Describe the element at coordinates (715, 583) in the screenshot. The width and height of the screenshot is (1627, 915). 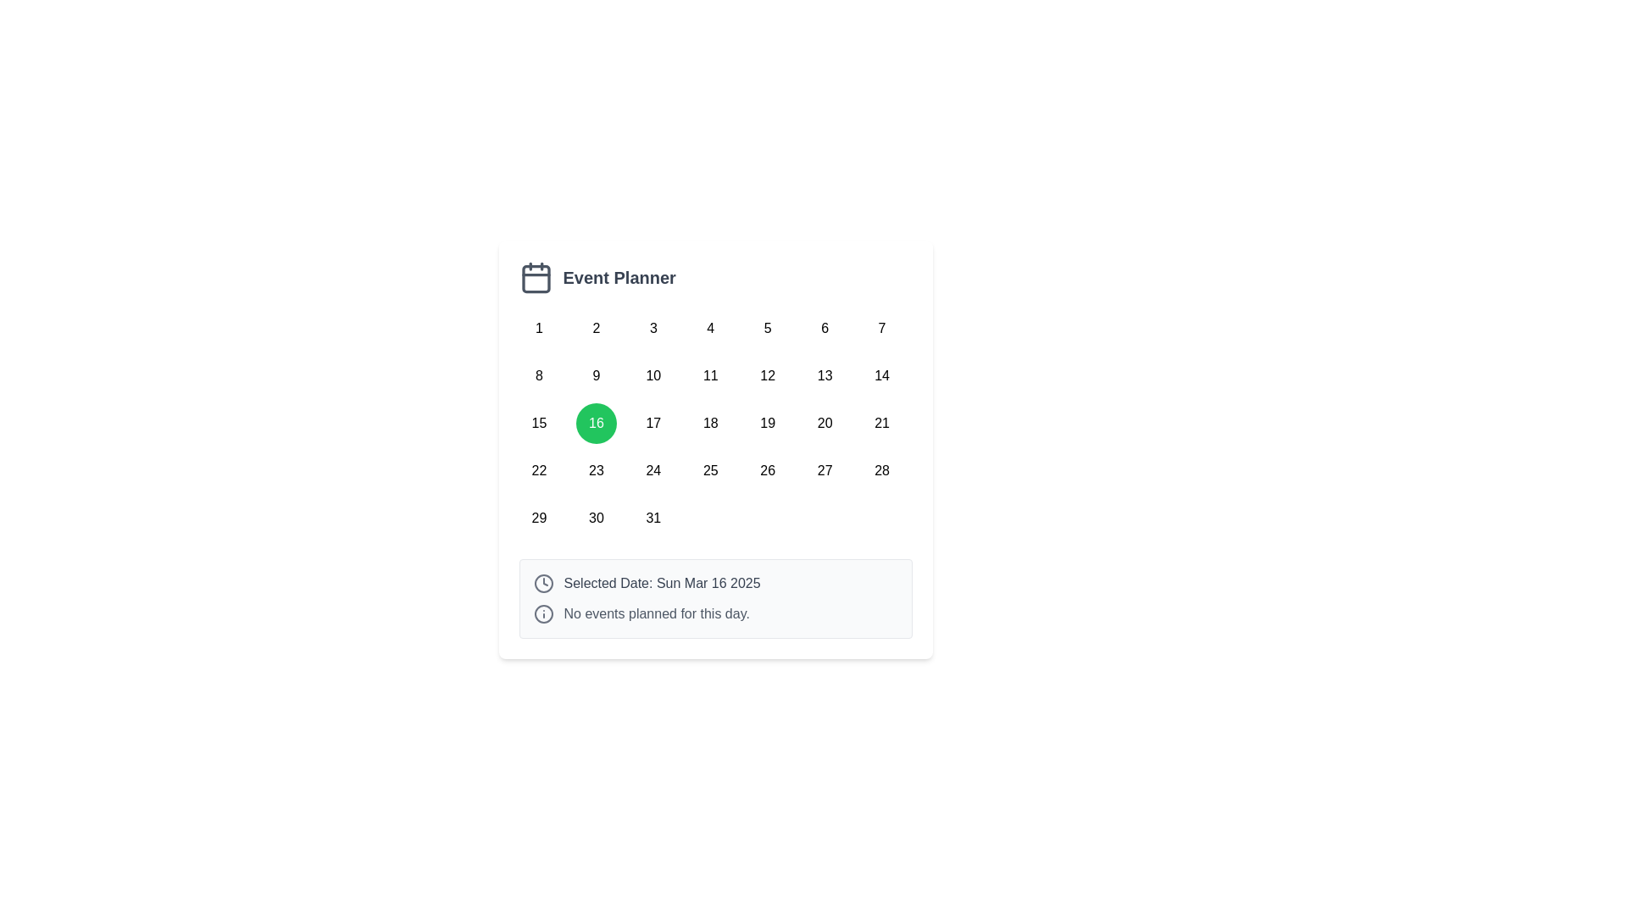
I see `text content of the Text Label with Icon that displays 'Selected Date: Sun Mar 16 2025', which is located in the lower area of the calendar interface` at that location.